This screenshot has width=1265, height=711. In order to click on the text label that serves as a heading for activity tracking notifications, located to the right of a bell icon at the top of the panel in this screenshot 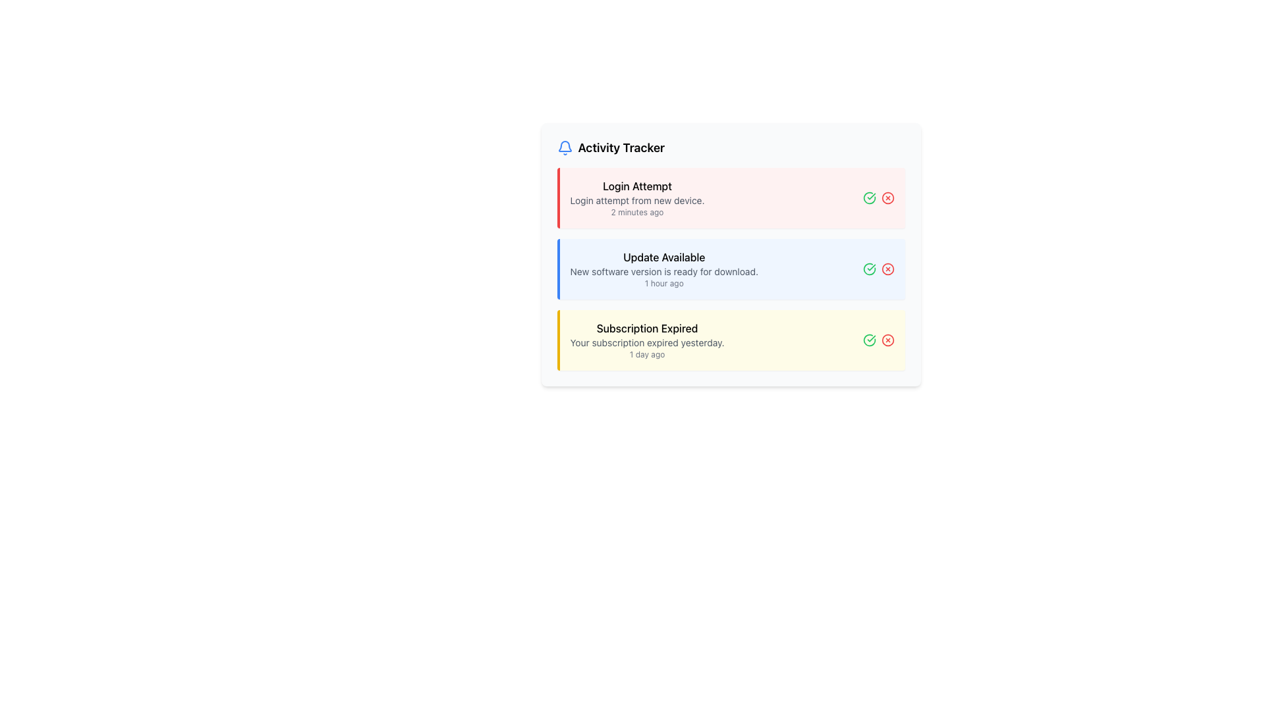, I will do `click(621, 147)`.